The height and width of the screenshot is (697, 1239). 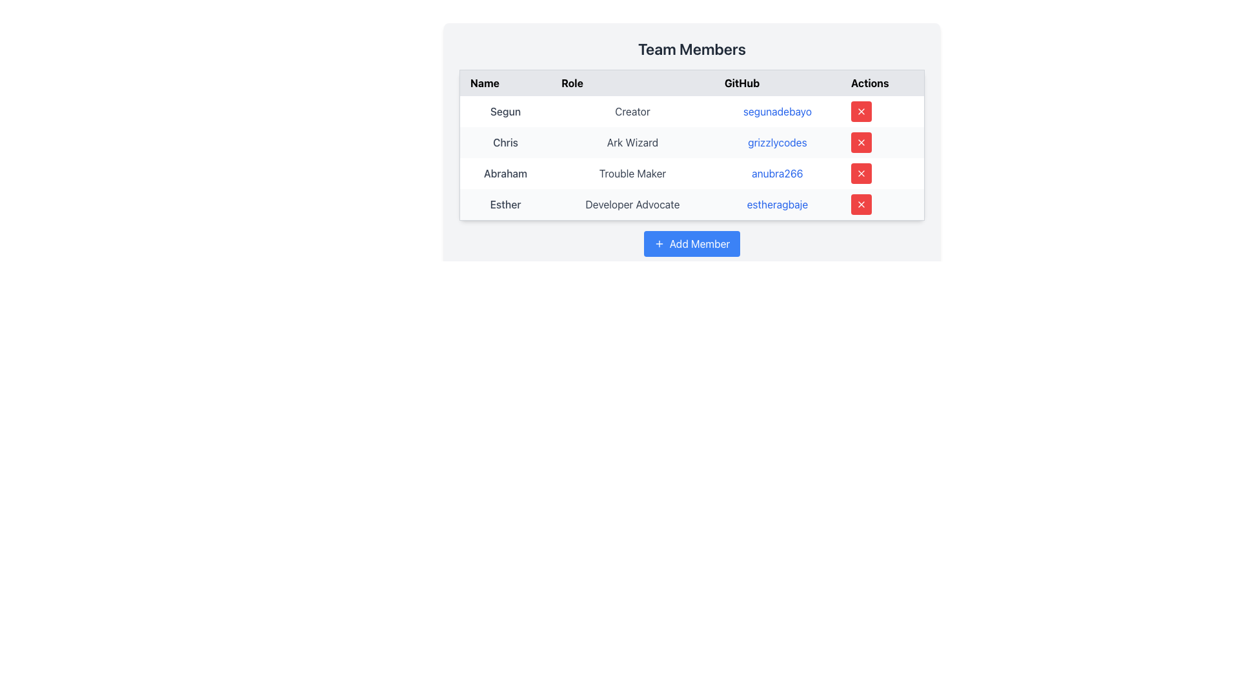 I want to click on the blue hyperlink displaying 'segunadebayo' in the 'GitHub' column of the 'Team Members' table, so click(x=776, y=111).